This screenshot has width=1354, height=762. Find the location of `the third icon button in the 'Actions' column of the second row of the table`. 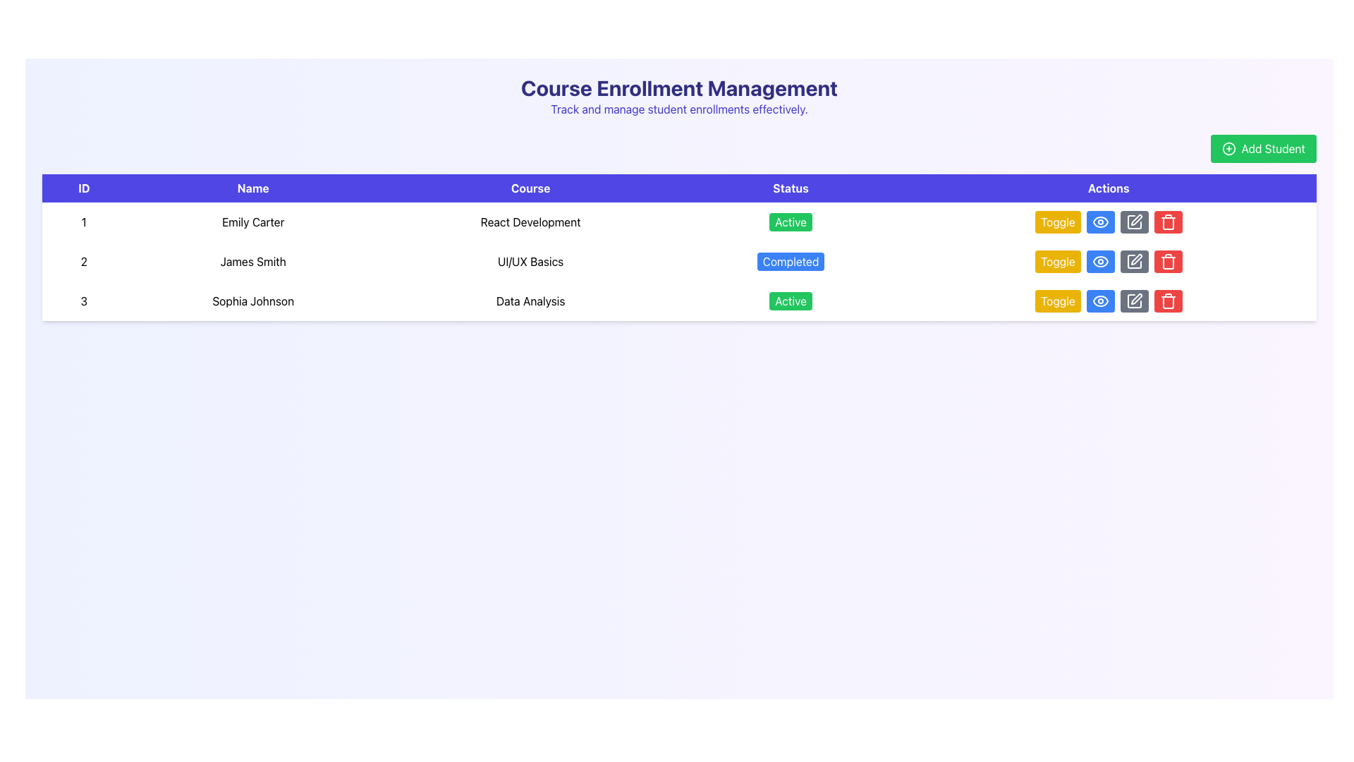

the third icon button in the 'Actions' column of the second row of the table is located at coordinates (1099, 261).